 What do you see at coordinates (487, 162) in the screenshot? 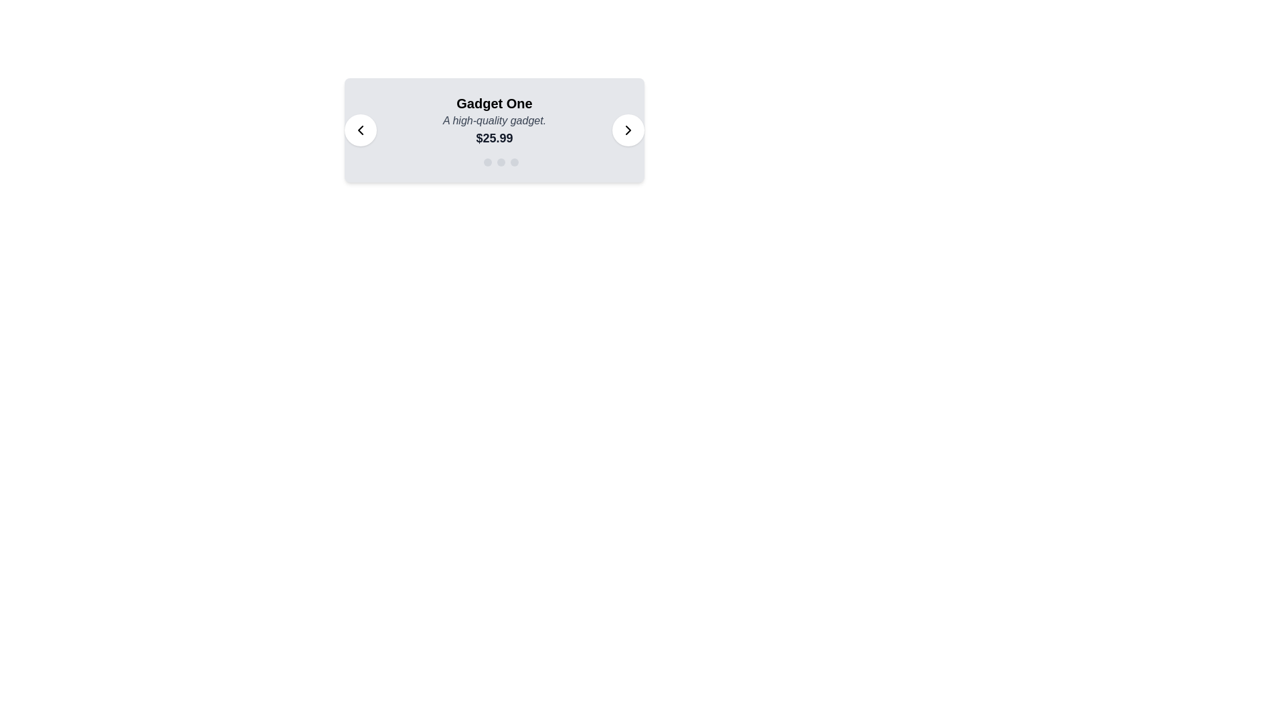
I see `the small light gray circular Indicator Dot, which is the second in a horizontal sequence of four navigation dots` at bounding box center [487, 162].